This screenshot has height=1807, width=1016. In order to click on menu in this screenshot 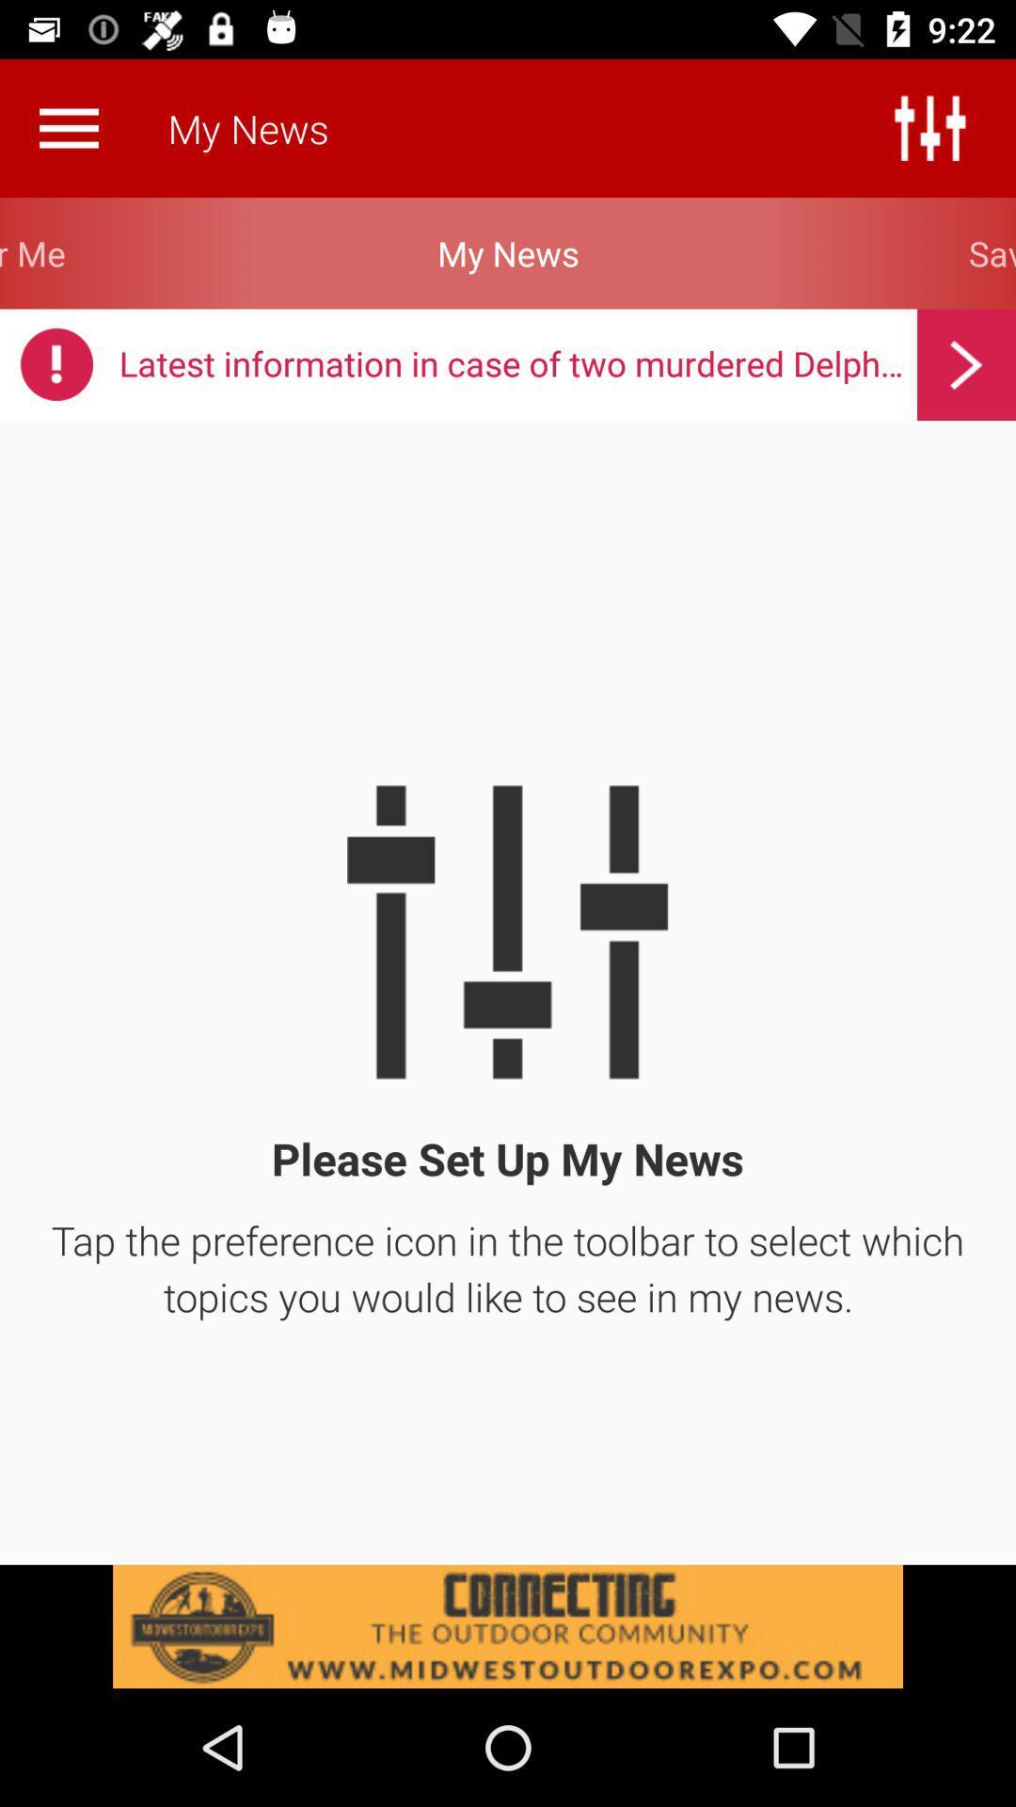, I will do `click(68, 127)`.